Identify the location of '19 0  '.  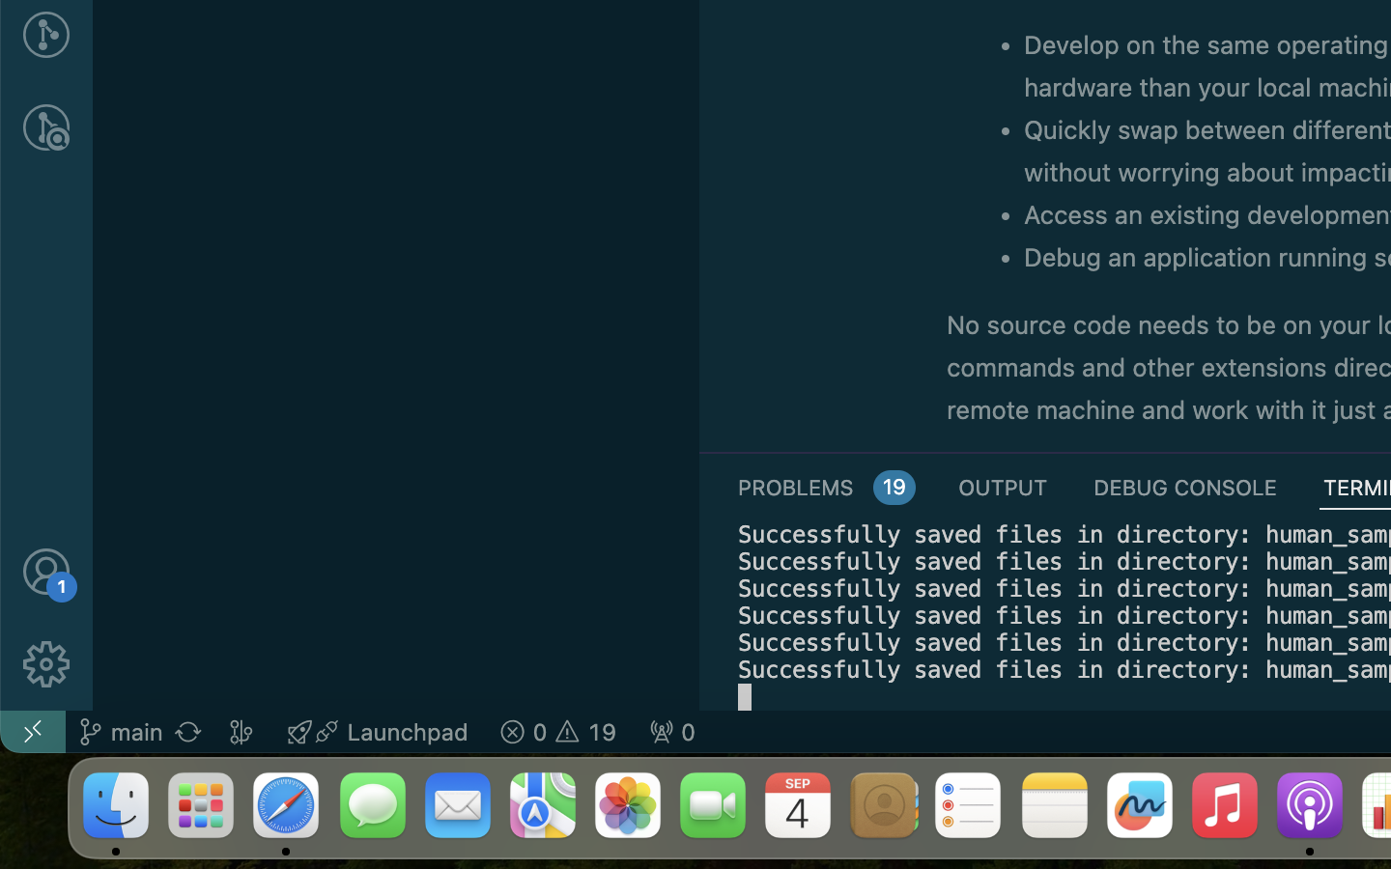
(558, 730).